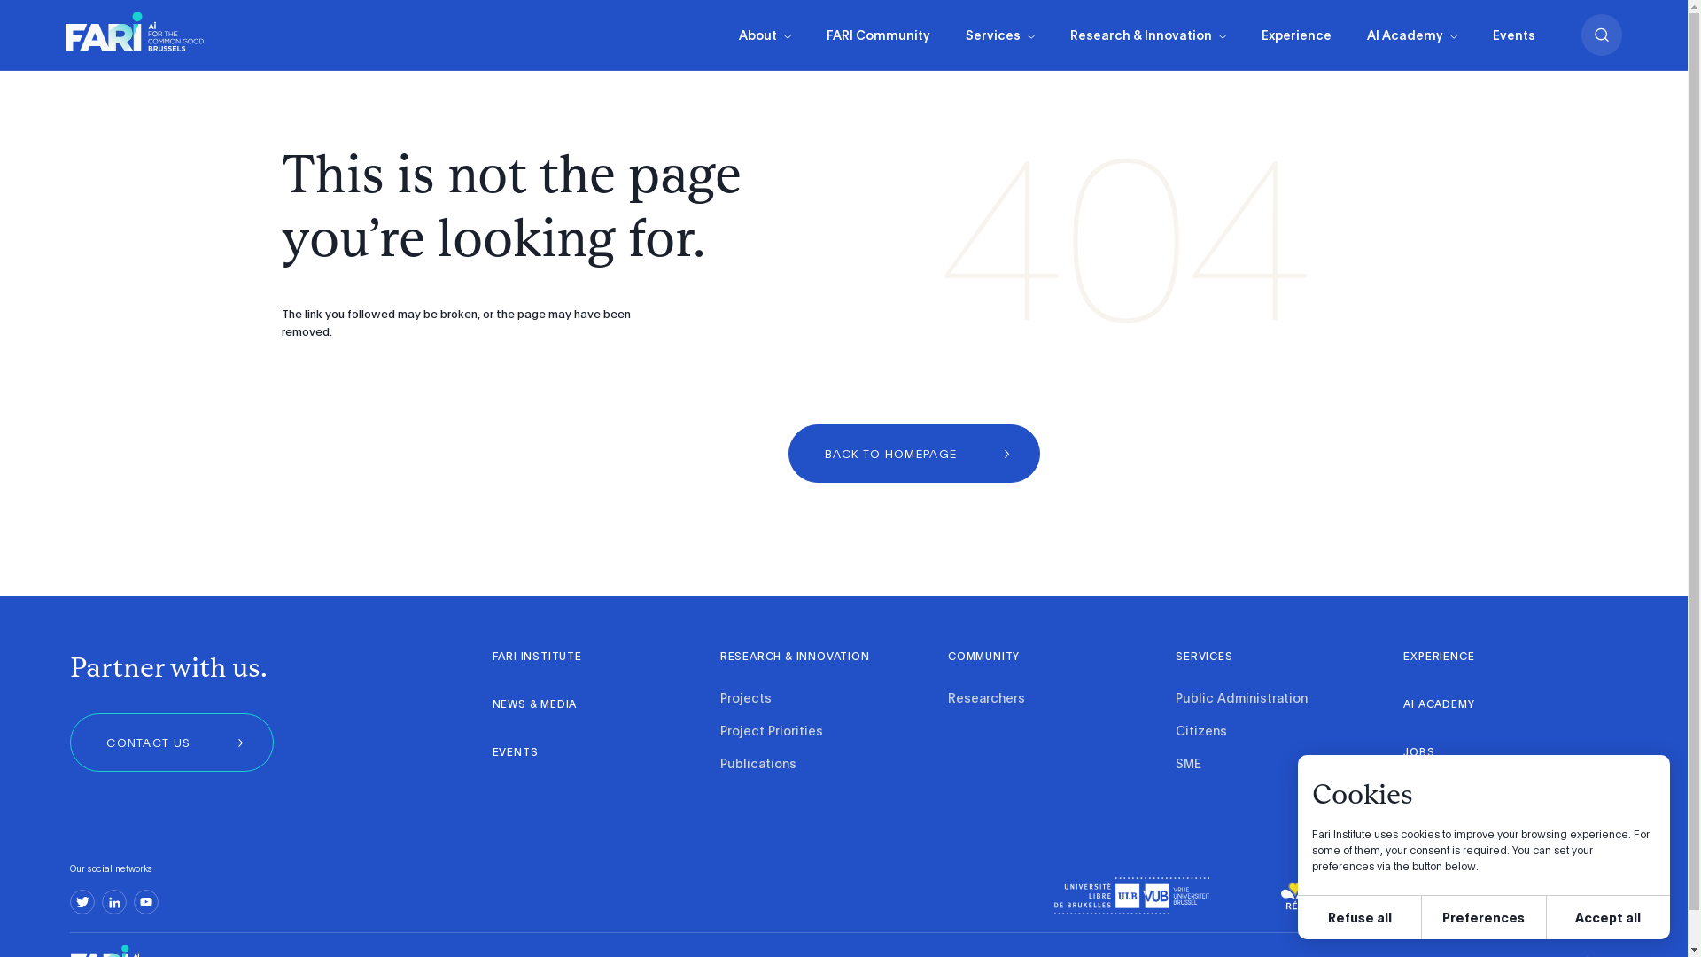  I want to click on 'FARI INSTITUTE', so click(493, 657).